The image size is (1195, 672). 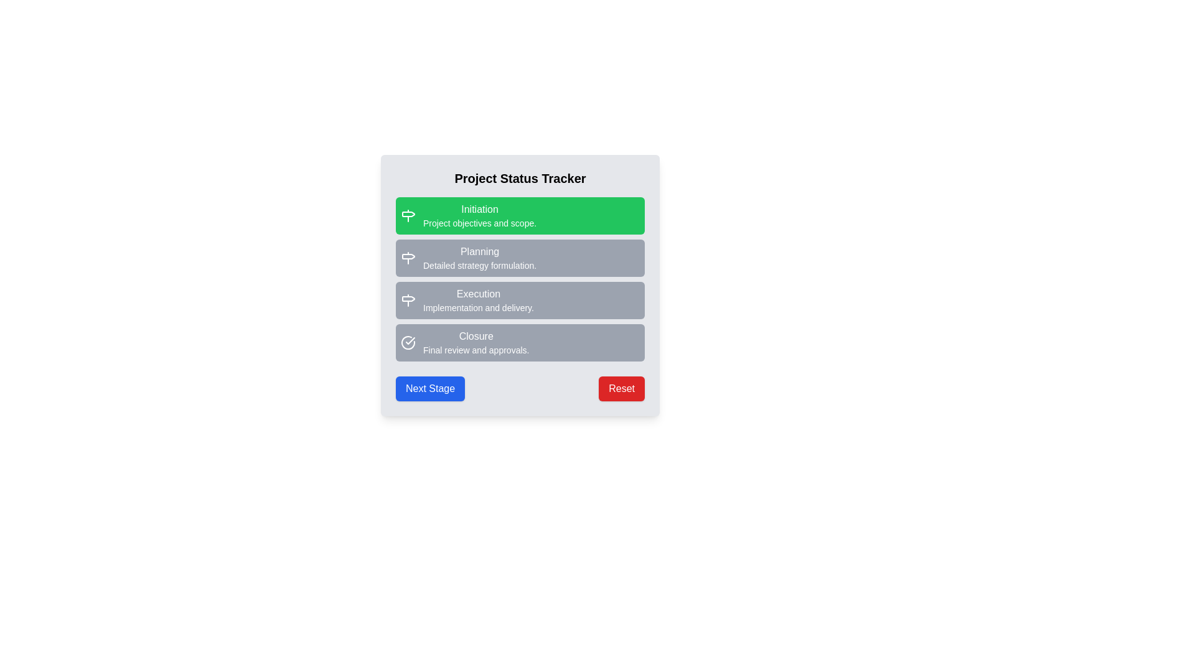 I want to click on the Status block element displaying 'Planning' and 'Detailed strategy formulation', so click(x=520, y=258).